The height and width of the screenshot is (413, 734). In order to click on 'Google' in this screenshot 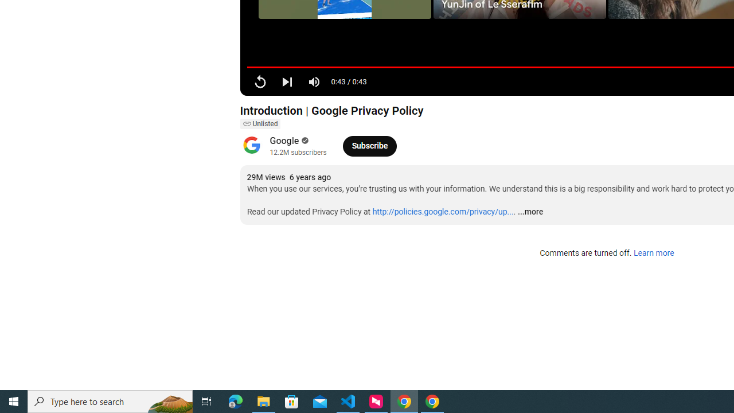, I will do `click(284, 140)`.